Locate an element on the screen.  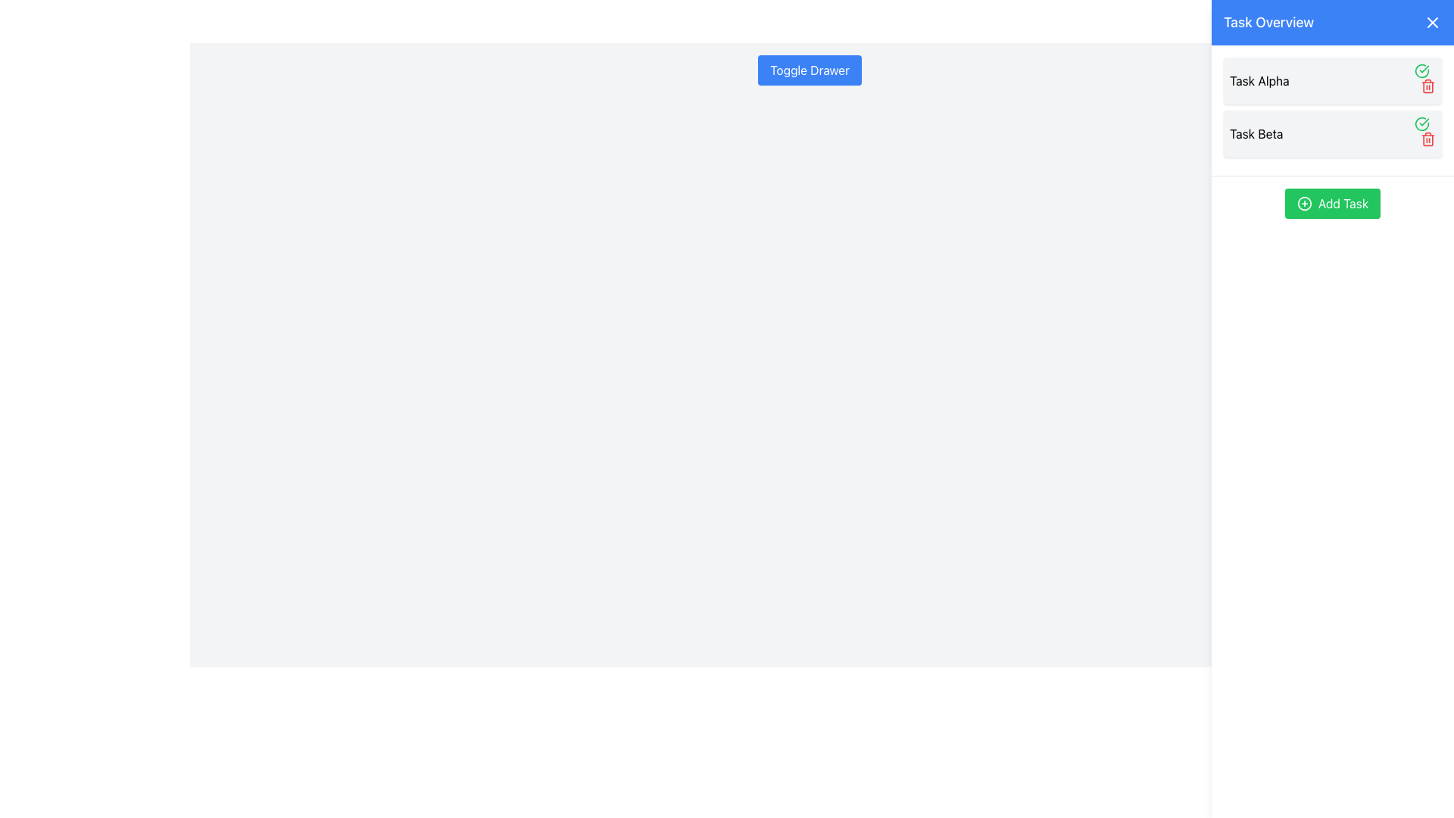
the 'X' icon button located on the far right of the blue header bar titled 'Task Overview' is located at coordinates (1431, 23).